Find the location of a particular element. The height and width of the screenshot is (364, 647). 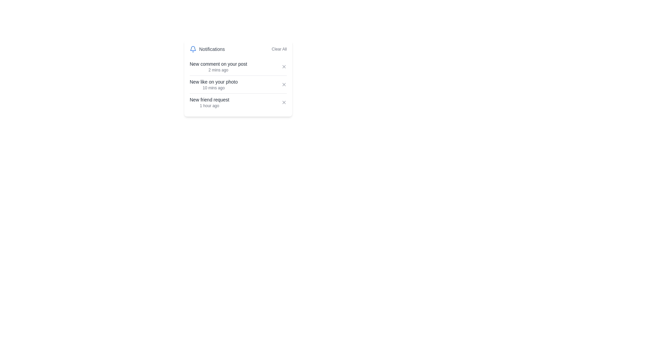

the notification item that informs the user about a new friend request, located between the second notification titled 'New like on your photo' and an 'X' icon for clearing the notification is located at coordinates (209, 102).